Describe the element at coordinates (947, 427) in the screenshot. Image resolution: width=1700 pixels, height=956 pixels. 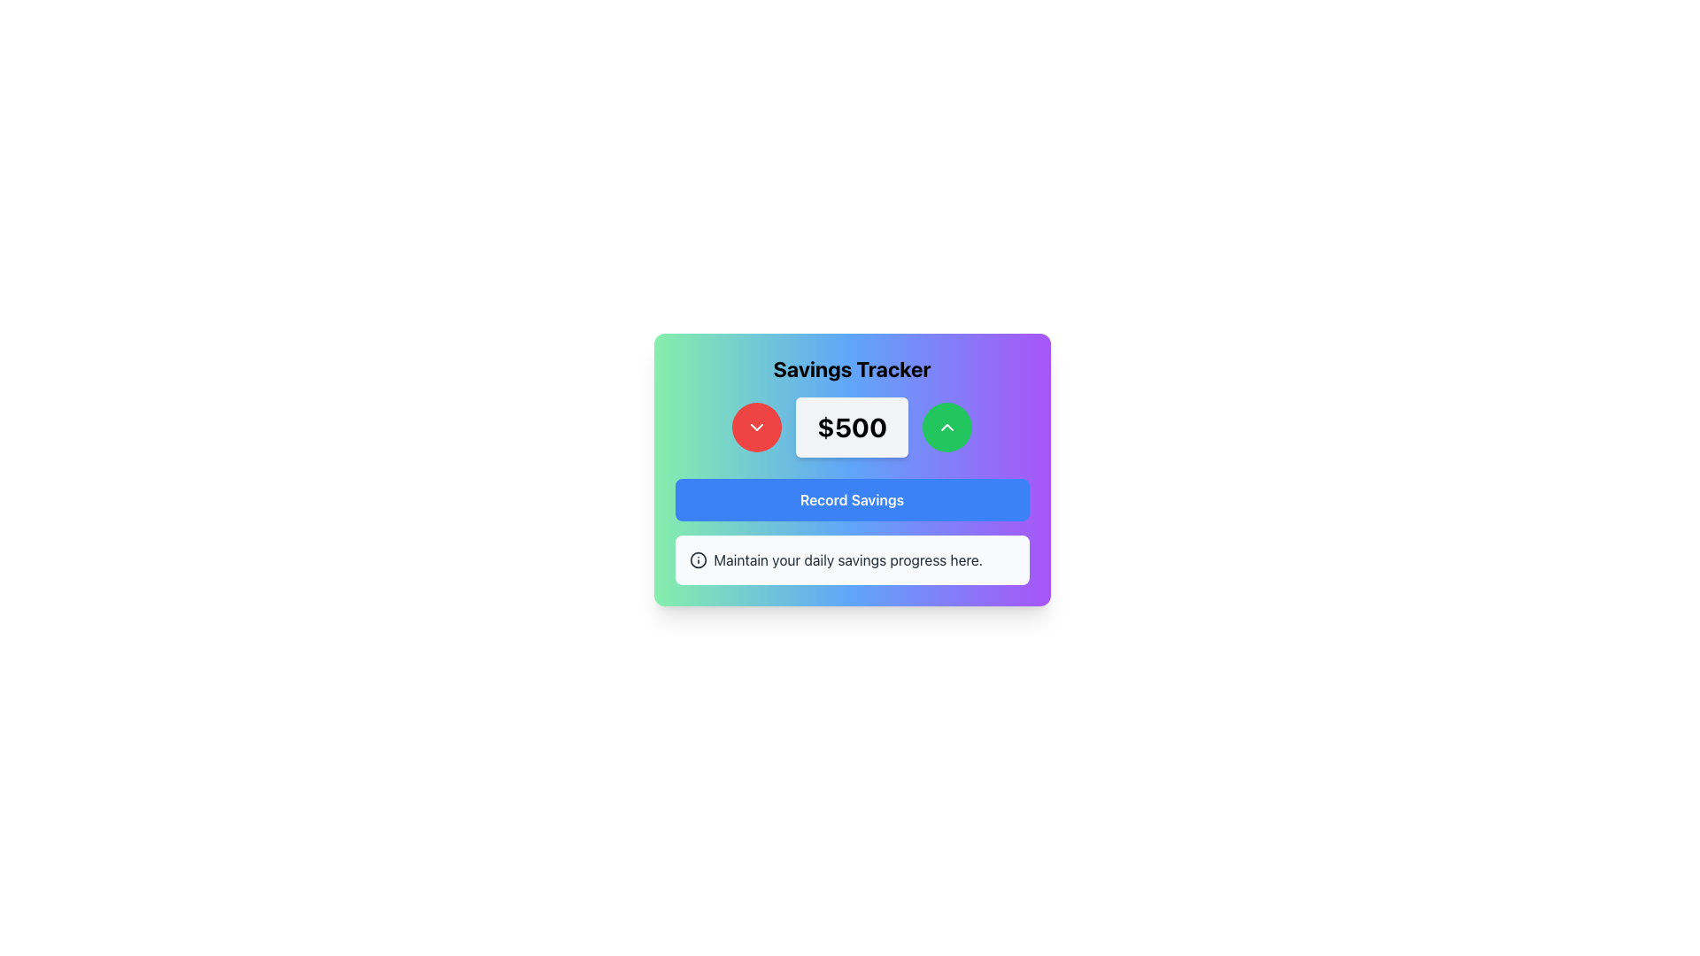
I see `the upward-facing chevron icon within the green circular button in the top-right corner of the 'Savings Tracker' card` at that location.